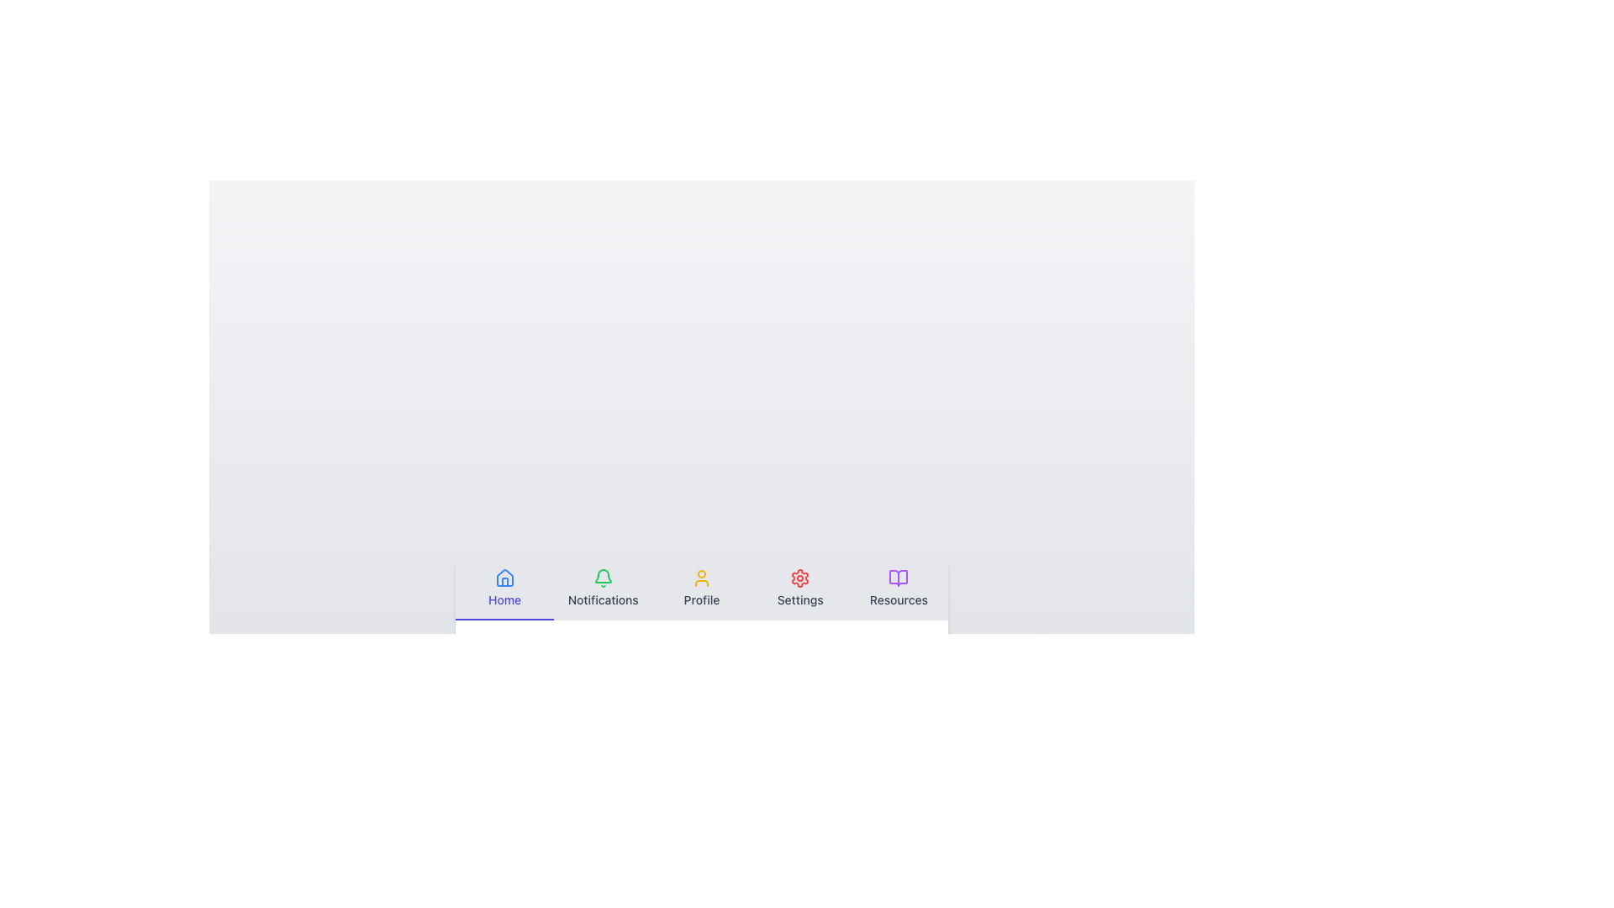 This screenshot has height=908, width=1614. I want to click on the 'Home' icon, which is represented by a graphical house icon located in the bottom navigation bar as the first item from the left, so click(504, 581).